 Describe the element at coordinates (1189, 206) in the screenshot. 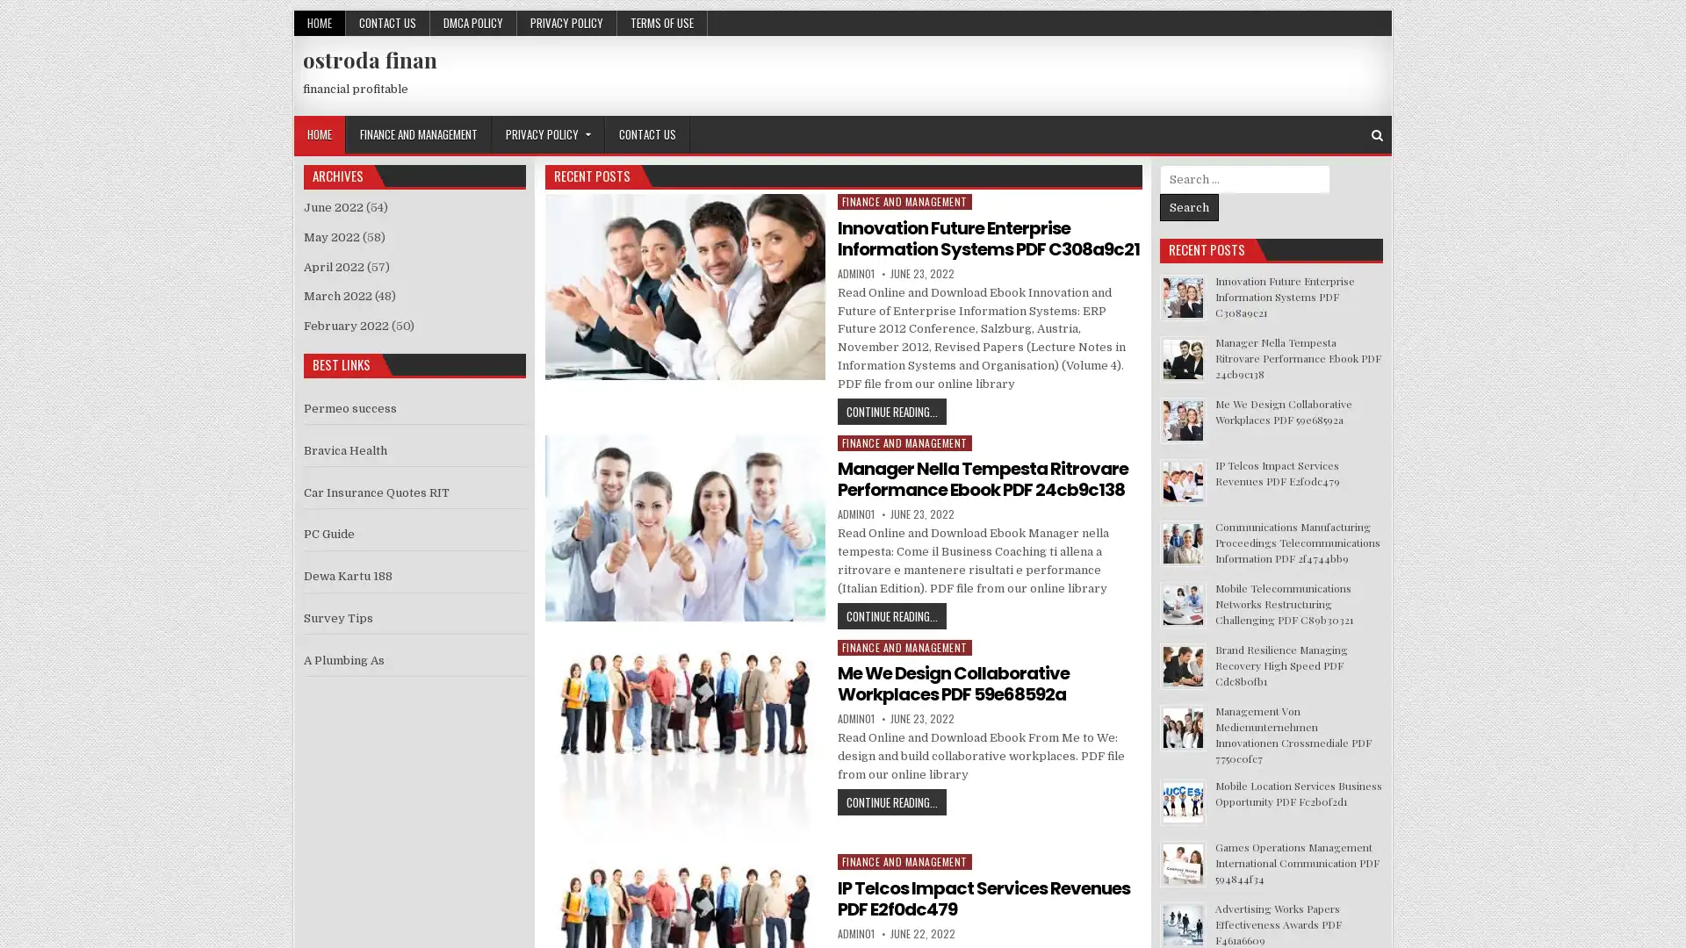

I see `Search` at that location.